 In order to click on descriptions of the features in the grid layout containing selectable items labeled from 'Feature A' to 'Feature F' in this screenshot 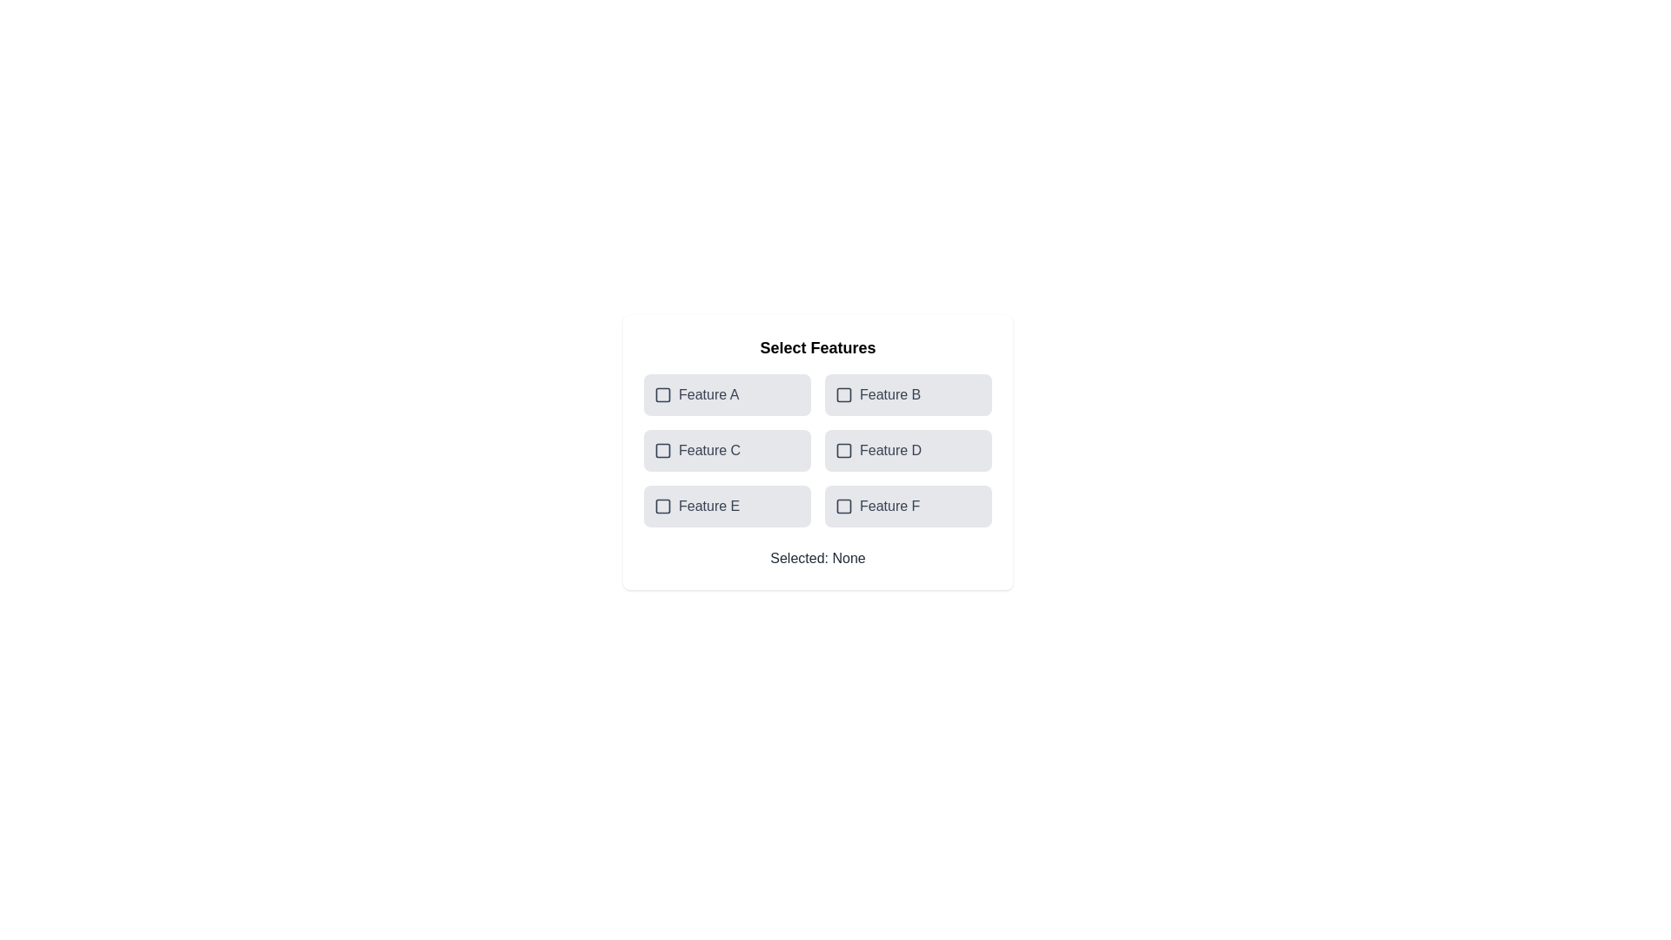, I will do `click(817, 449)`.